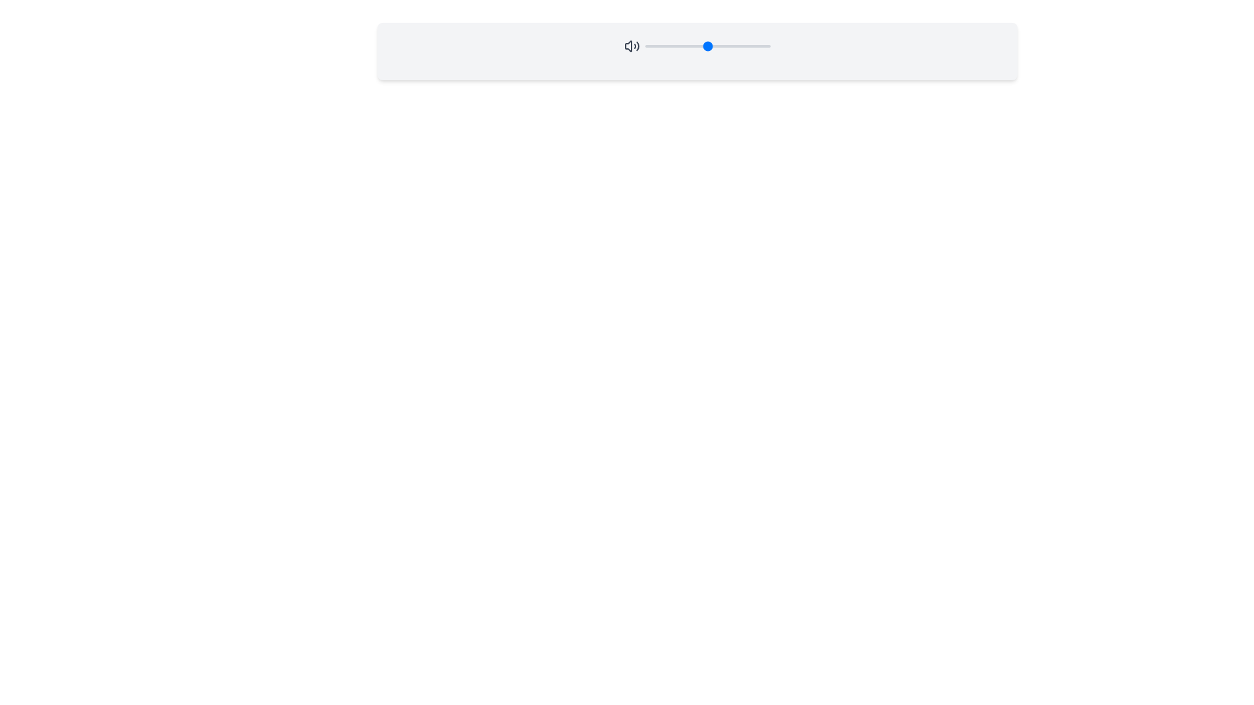 This screenshot has height=705, width=1254. Describe the element at coordinates (674, 45) in the screenshot. I see `volume level` at that location.